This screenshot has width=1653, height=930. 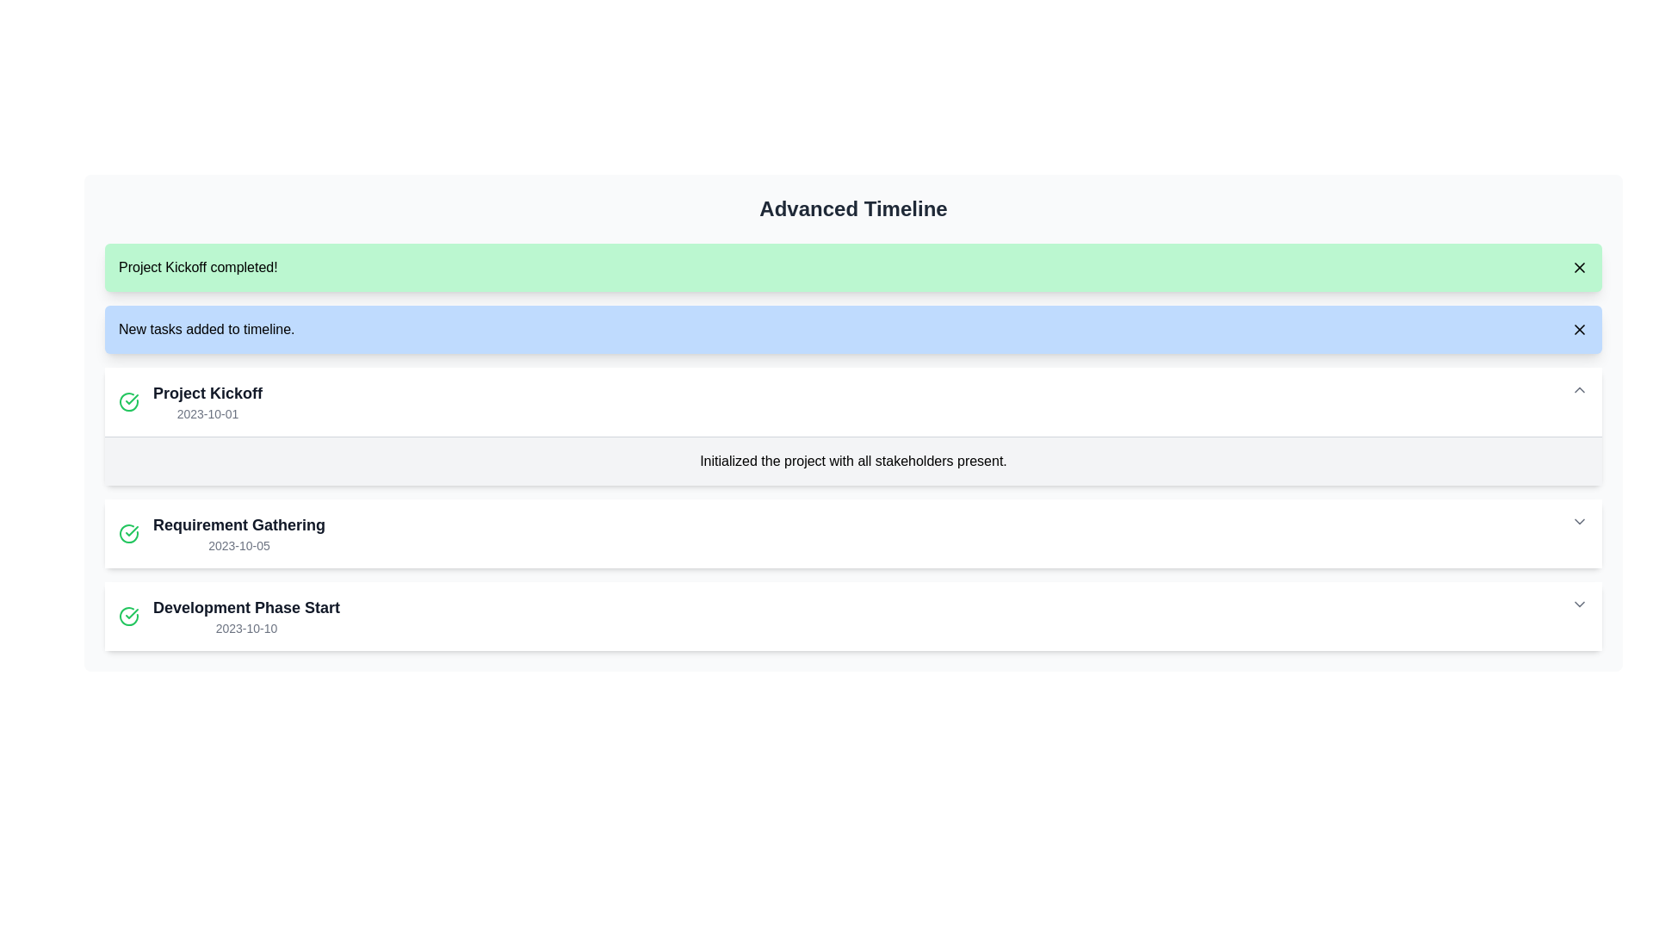 What do you see at coordinates (190, 401) in the screenshot?
I see `the 'Project Kickoff' milestone event in the timeline, which is the third item in the list and is positioned before 'Requirement Gathering'` at bounding box center [190, 401].